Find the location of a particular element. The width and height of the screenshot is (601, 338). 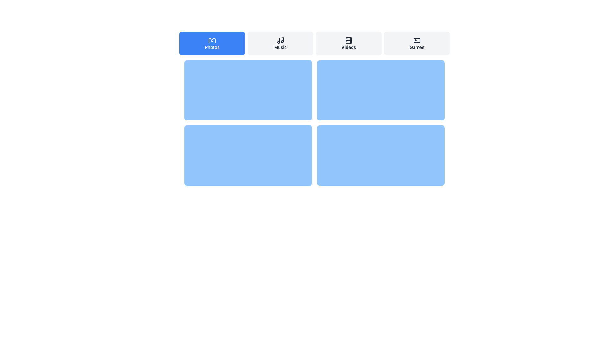

the top-right light blue gradient panel with rounded corners in the 2x2 grid layout is located at coordinates (381, 90).